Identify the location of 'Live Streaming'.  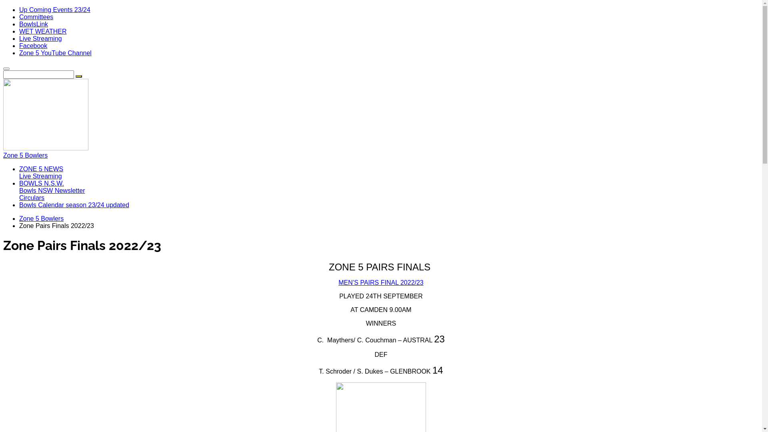
(40, 38).